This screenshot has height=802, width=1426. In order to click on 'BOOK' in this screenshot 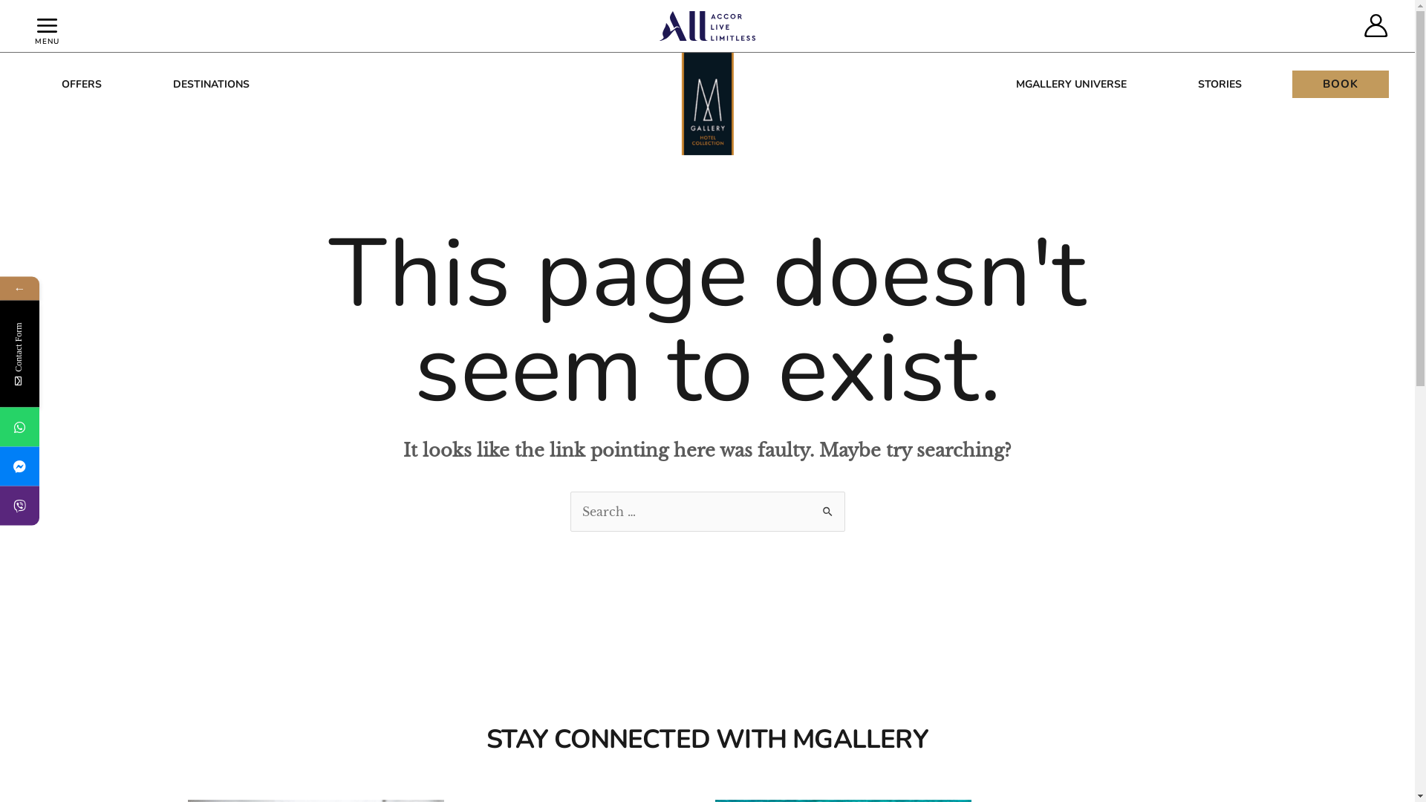, I will do `click(1340, 84)`.